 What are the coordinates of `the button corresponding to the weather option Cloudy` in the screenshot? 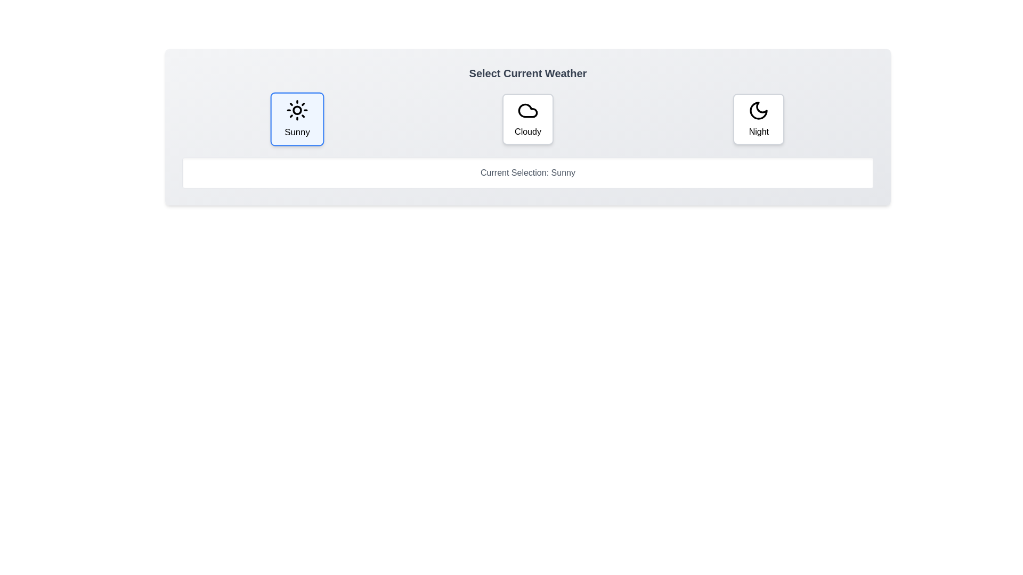 It's located at (527, 119).